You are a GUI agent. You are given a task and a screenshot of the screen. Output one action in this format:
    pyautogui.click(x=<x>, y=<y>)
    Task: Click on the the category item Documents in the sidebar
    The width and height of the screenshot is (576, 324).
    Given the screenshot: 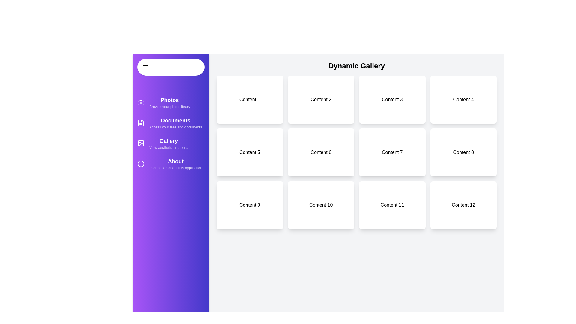 What is the action you would take?
    pyautogui.click(x=171, y=122)
    